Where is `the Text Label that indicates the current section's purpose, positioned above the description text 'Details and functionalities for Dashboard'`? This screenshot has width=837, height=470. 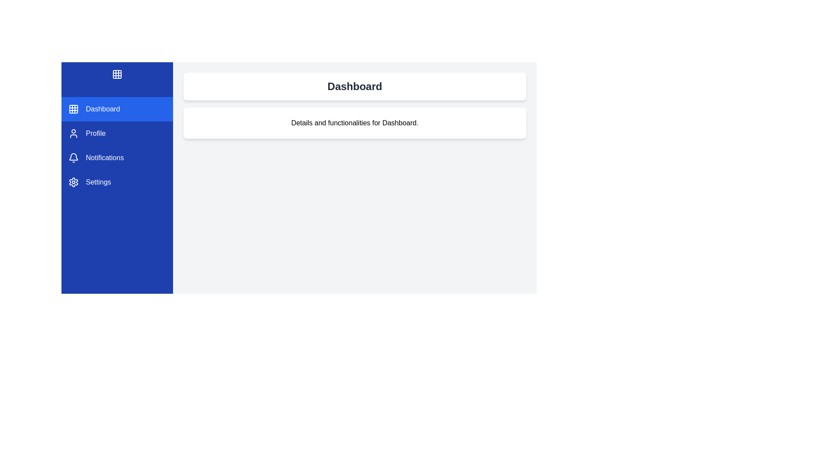 the Text Label that indicates the current section's purpose, positioned above the description text 'Details and functionalities for Dashboard' is located at coordinates (355, 87).